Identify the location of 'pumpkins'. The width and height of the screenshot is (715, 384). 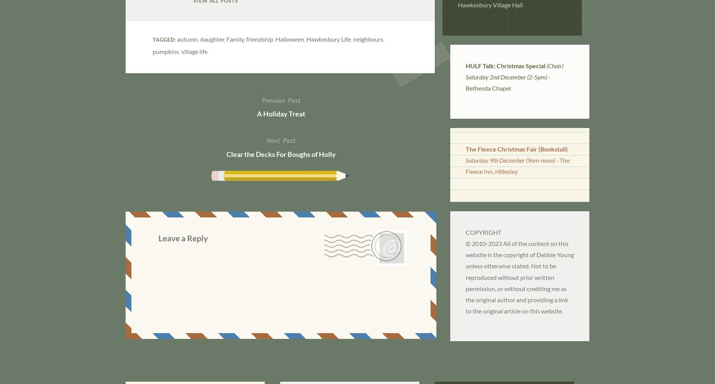
(165, 51).